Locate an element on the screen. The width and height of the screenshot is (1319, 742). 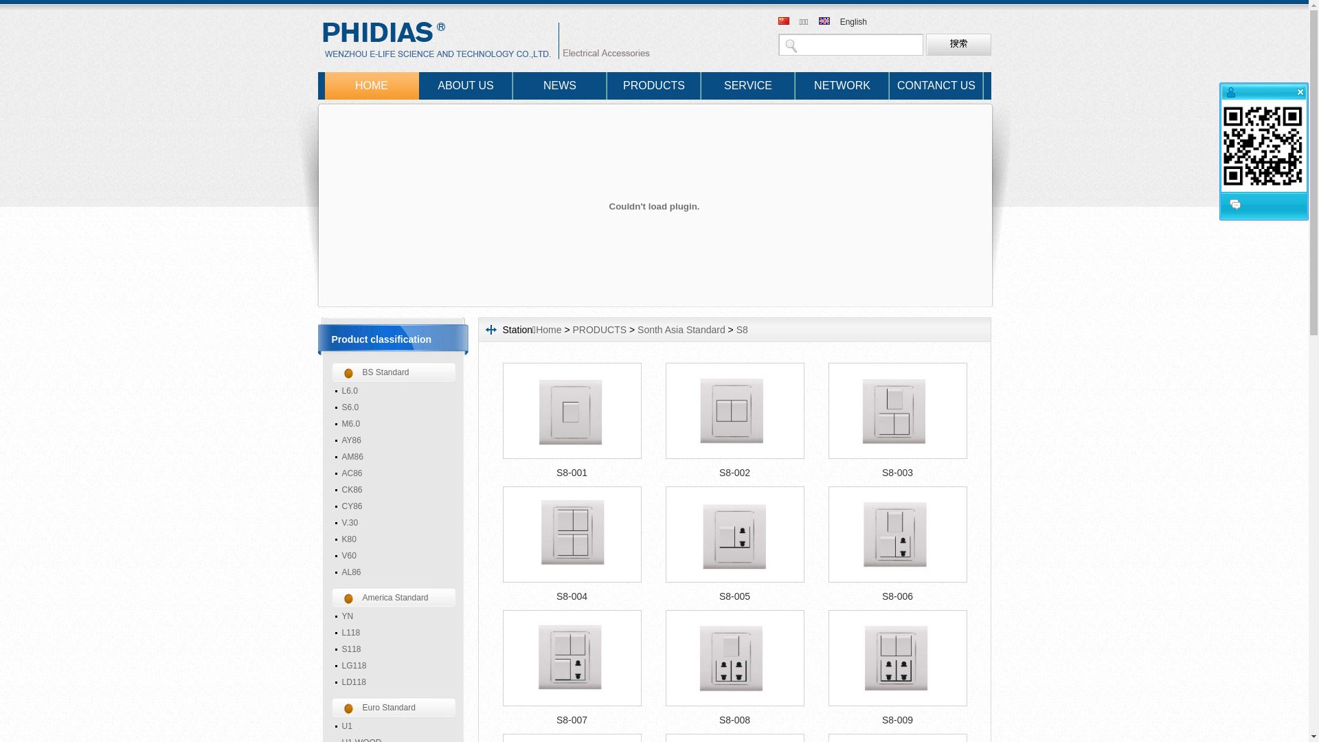
'S8-002' is located at coordinates (734, 471).